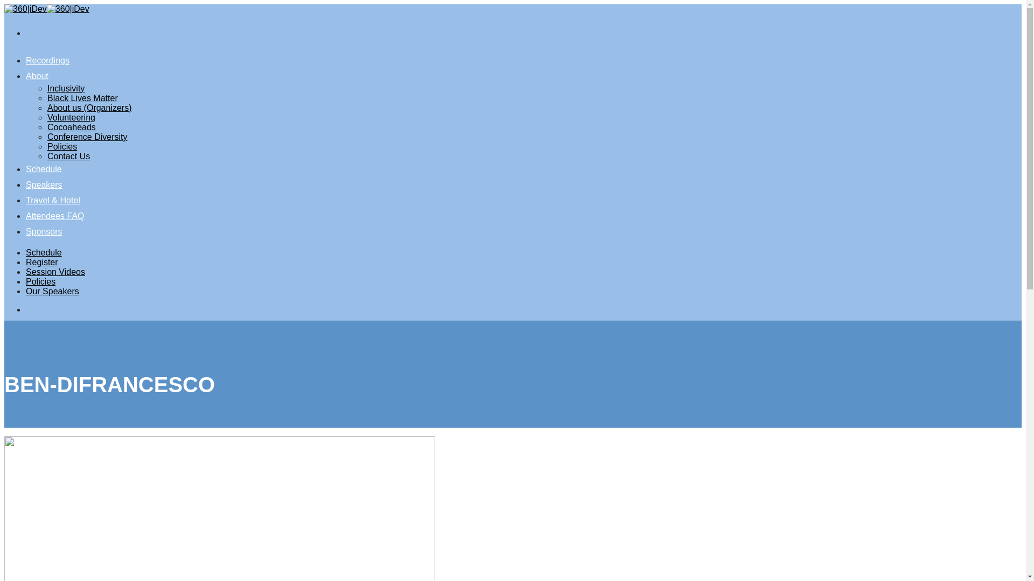 The width and height of the screenshot is (1034, 581). I want to click on 'Sponsors', so click(43, 231).